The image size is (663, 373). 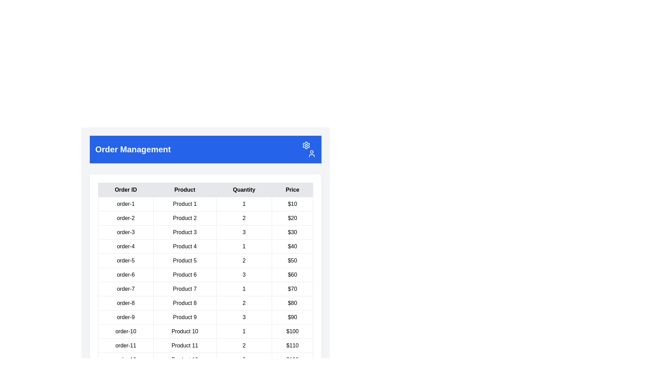 I want to click on the static text label displaying the price '$30' in the 'Price' column of the table for 'order-3' associated with 'Product 3', so click(x=292, y=232).